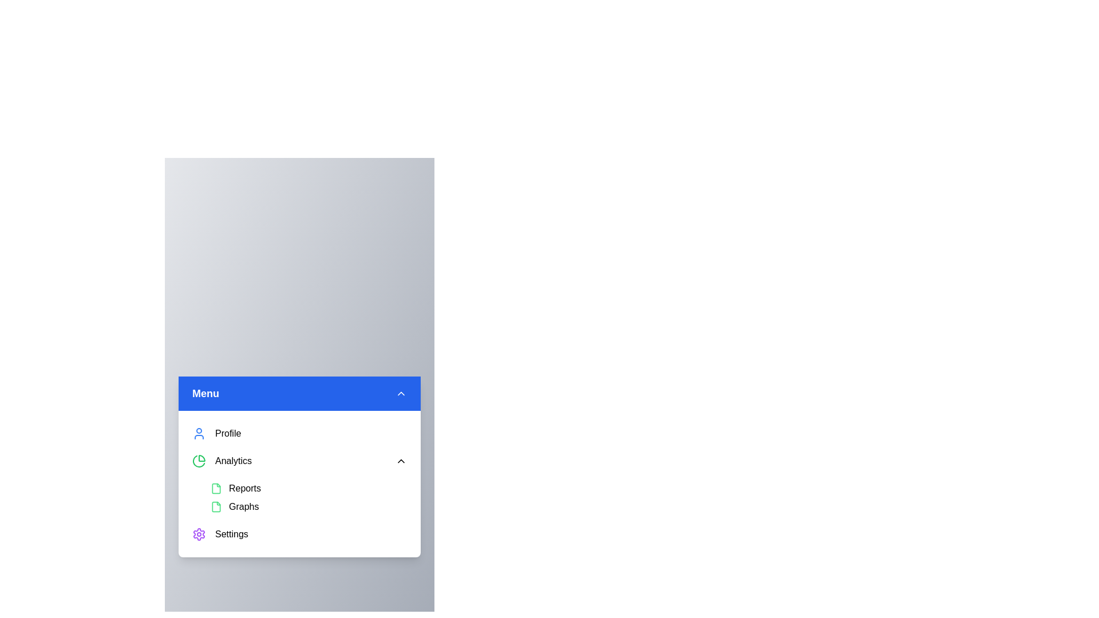  Describe the element at coordinates (201, 458) in the screenshot. I see `the pie chart icon representing 'Analytics'` at that location.